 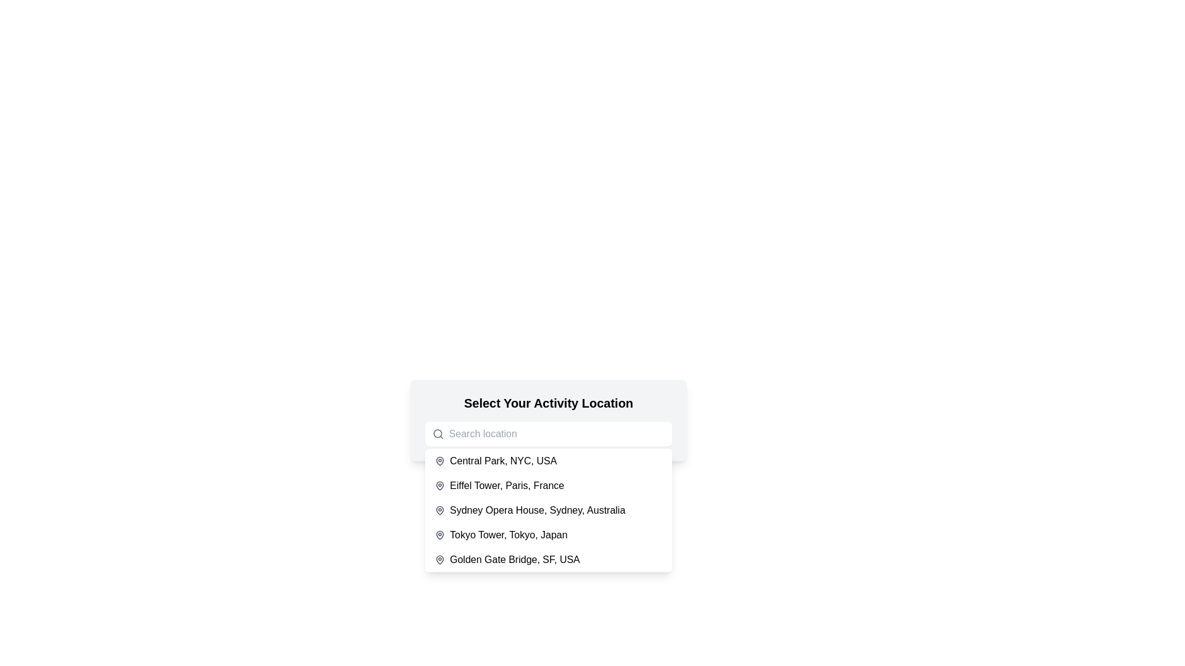 I want to click on the circular search icon located at the left edge of the input field for navigation, so click(x=438, y=433).